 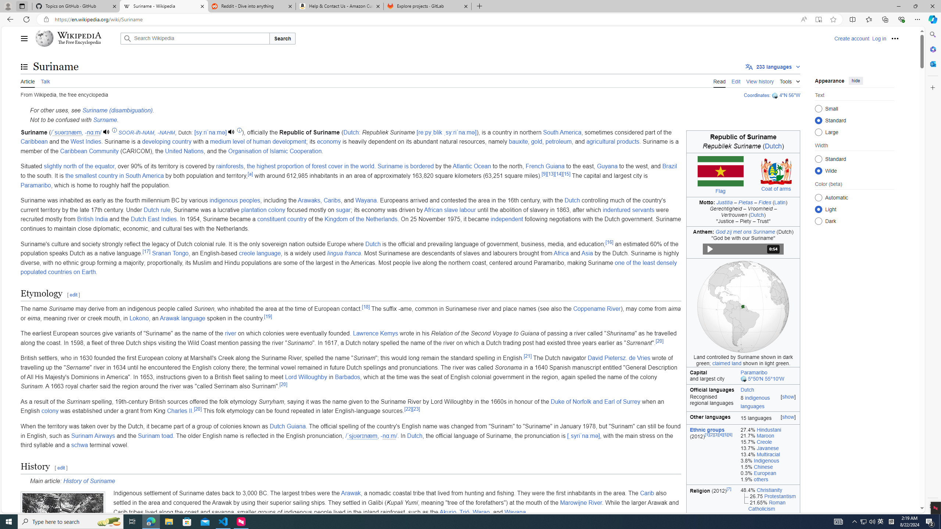 What do you see at coordinates (609, 242) in the screenshot?
I see `'[16]'` at bounding box center [609, 242].